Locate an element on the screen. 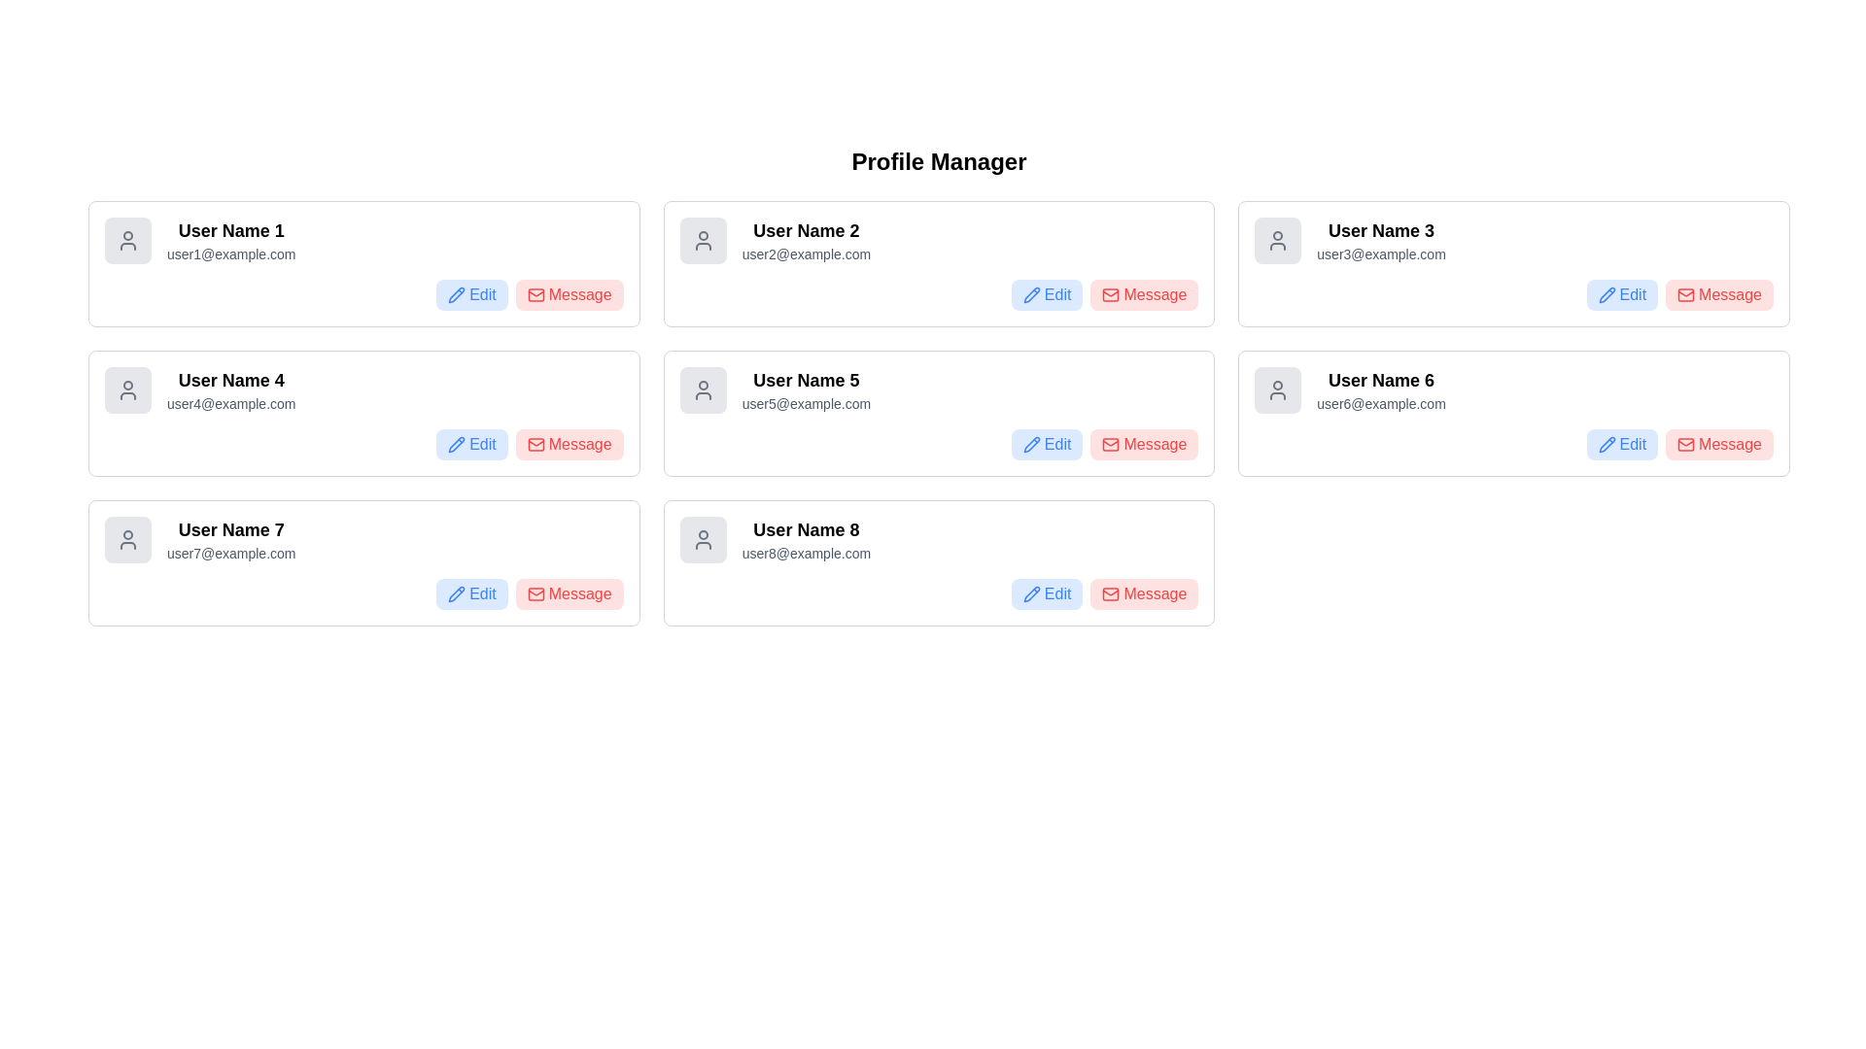 This screenshot has width=1866, height=1049. the informational label displaying 'User Name 5' and email address in the profile card grid layout is located at coordinates (806, 389).